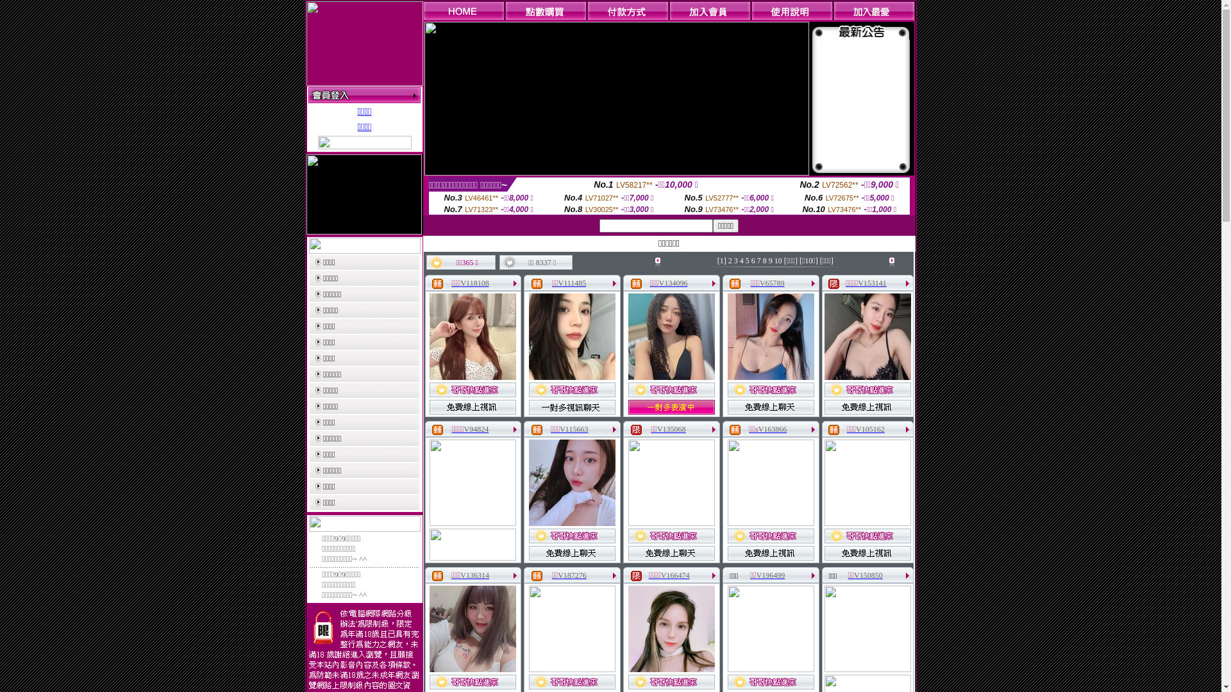  What do you see at coordinates (673, 283) in the screenshot?
I see `'V134096'` at bounding box center [673, 283].